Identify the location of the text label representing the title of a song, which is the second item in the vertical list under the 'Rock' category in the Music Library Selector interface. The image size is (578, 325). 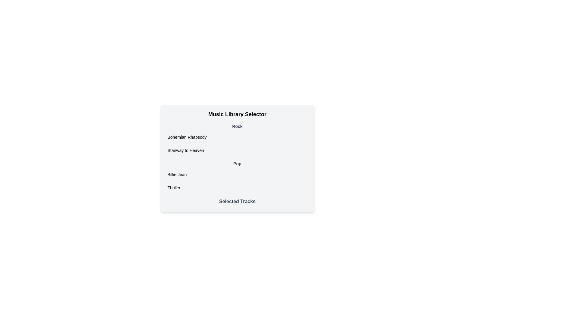
(185, 150).